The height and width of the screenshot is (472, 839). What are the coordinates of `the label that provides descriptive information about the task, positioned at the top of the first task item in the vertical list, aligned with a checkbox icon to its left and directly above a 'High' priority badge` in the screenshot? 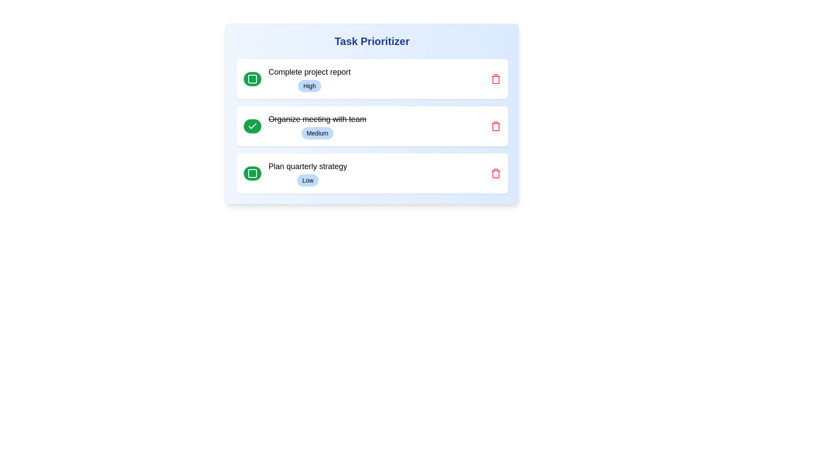 It's located at (309, 72).